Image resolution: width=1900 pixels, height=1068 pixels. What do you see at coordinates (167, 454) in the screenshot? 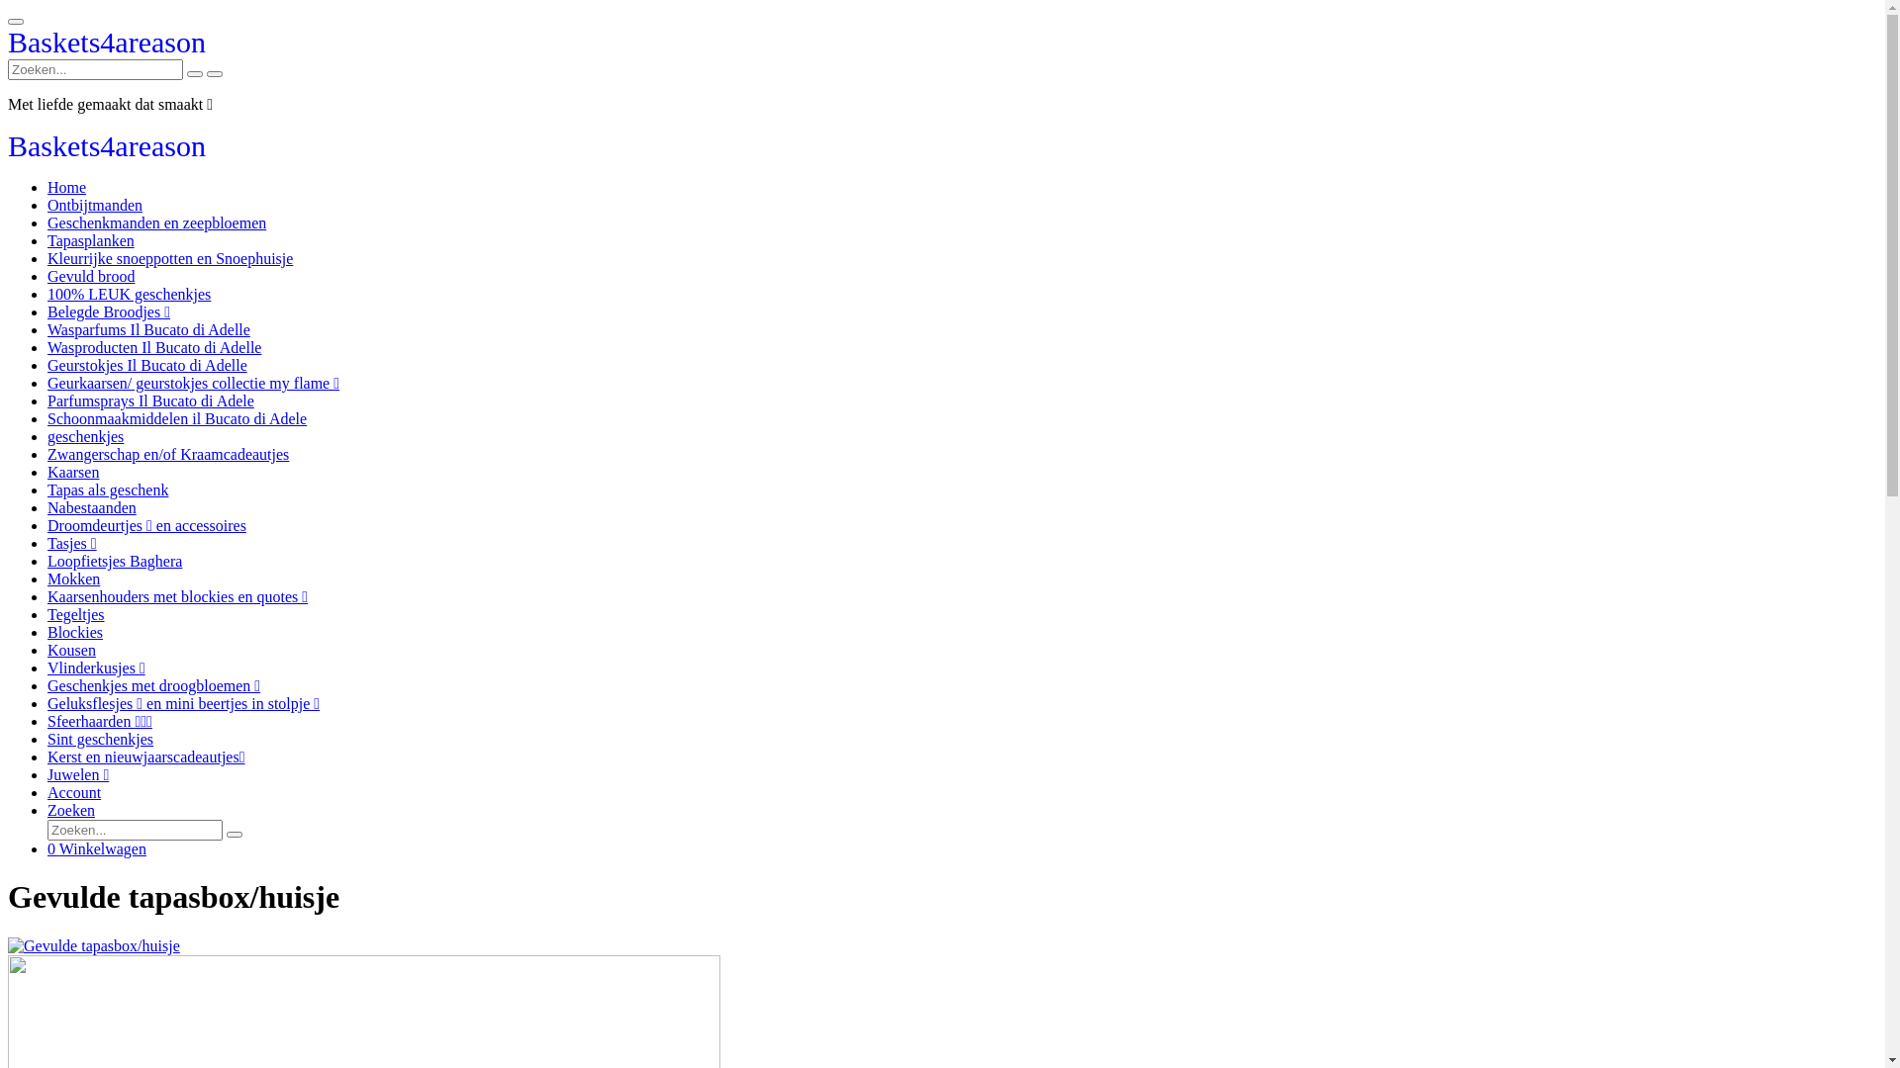
I see `'Zwangerschap en/of Kraamcadeautjes'` at bounding box center [167, 454].